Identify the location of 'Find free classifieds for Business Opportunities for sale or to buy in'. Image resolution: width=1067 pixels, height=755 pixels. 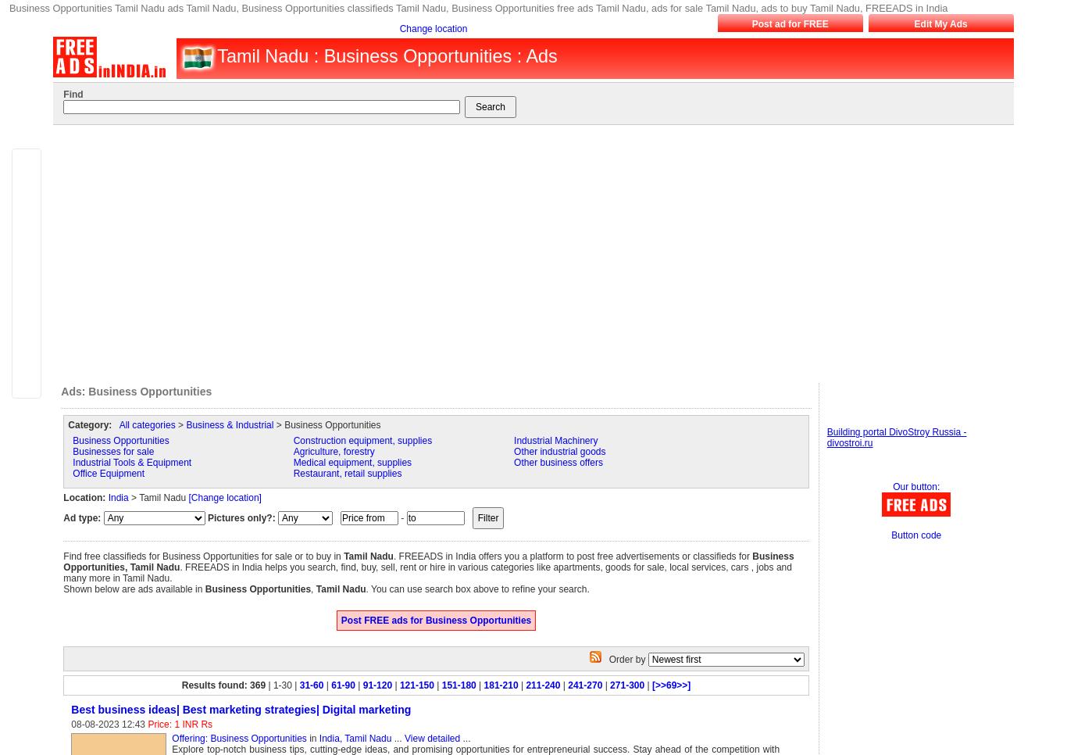
(63, 556).